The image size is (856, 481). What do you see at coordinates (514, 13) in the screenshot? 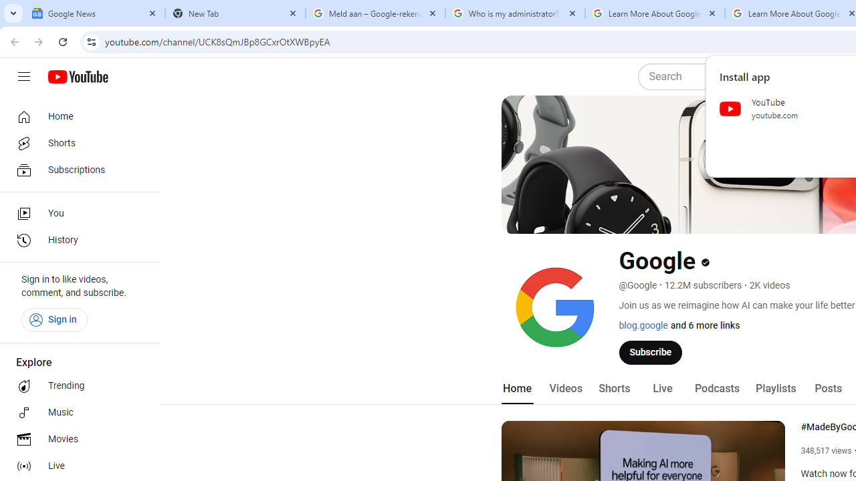
I see `'Who is my administrator? - Google Account Help'` at bounding box center [514, 13].